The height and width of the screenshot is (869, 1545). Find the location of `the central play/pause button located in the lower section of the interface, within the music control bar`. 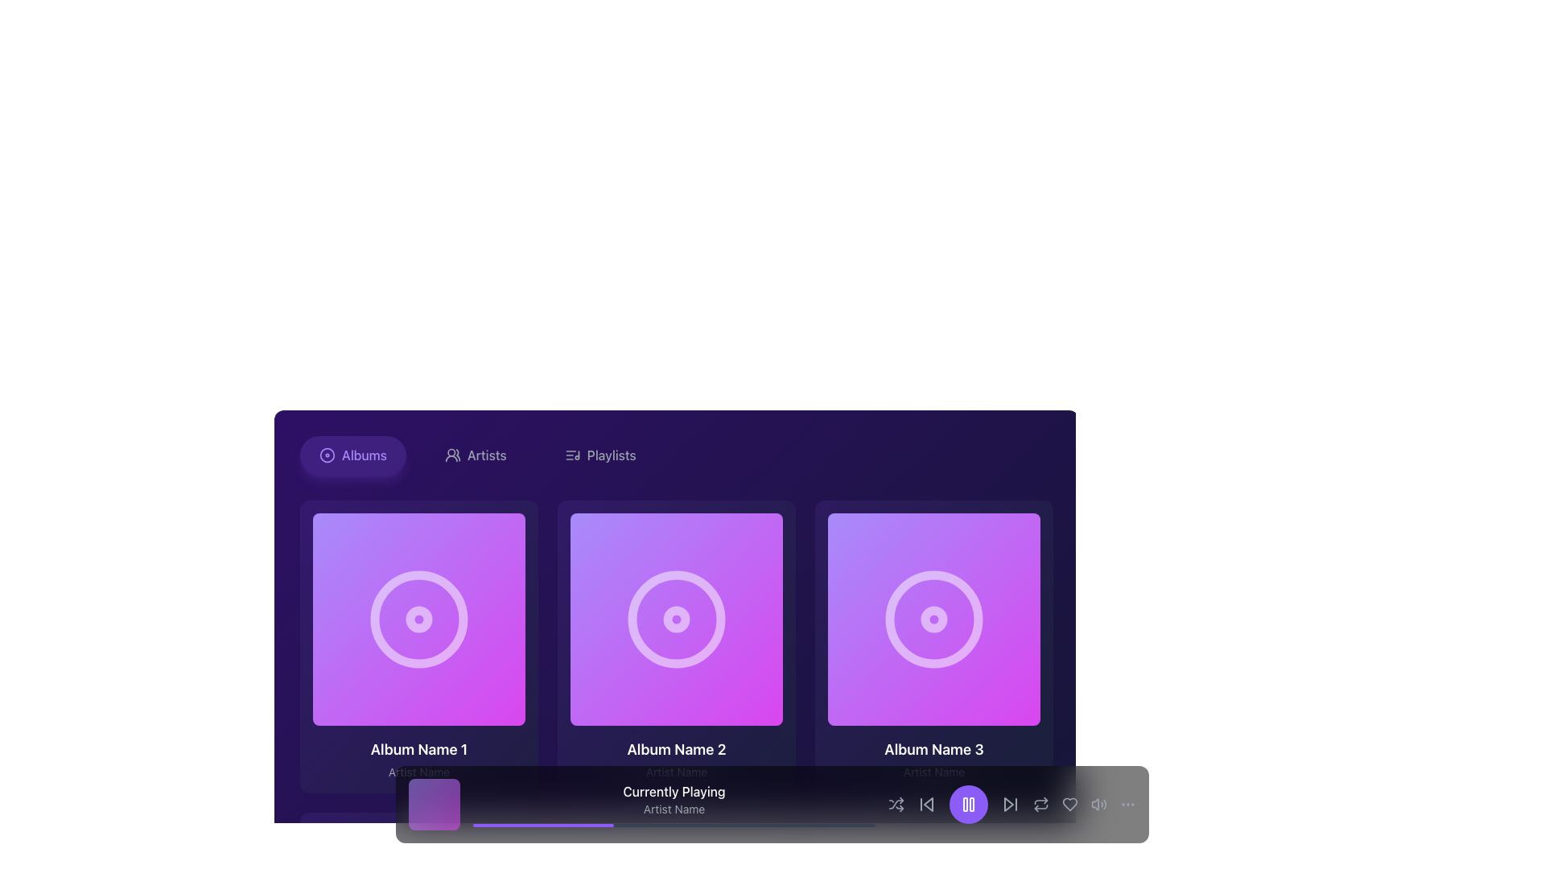

the central play/pause button located in the lower section of the interface, within the music control bar is located at coordinates (968, 804).